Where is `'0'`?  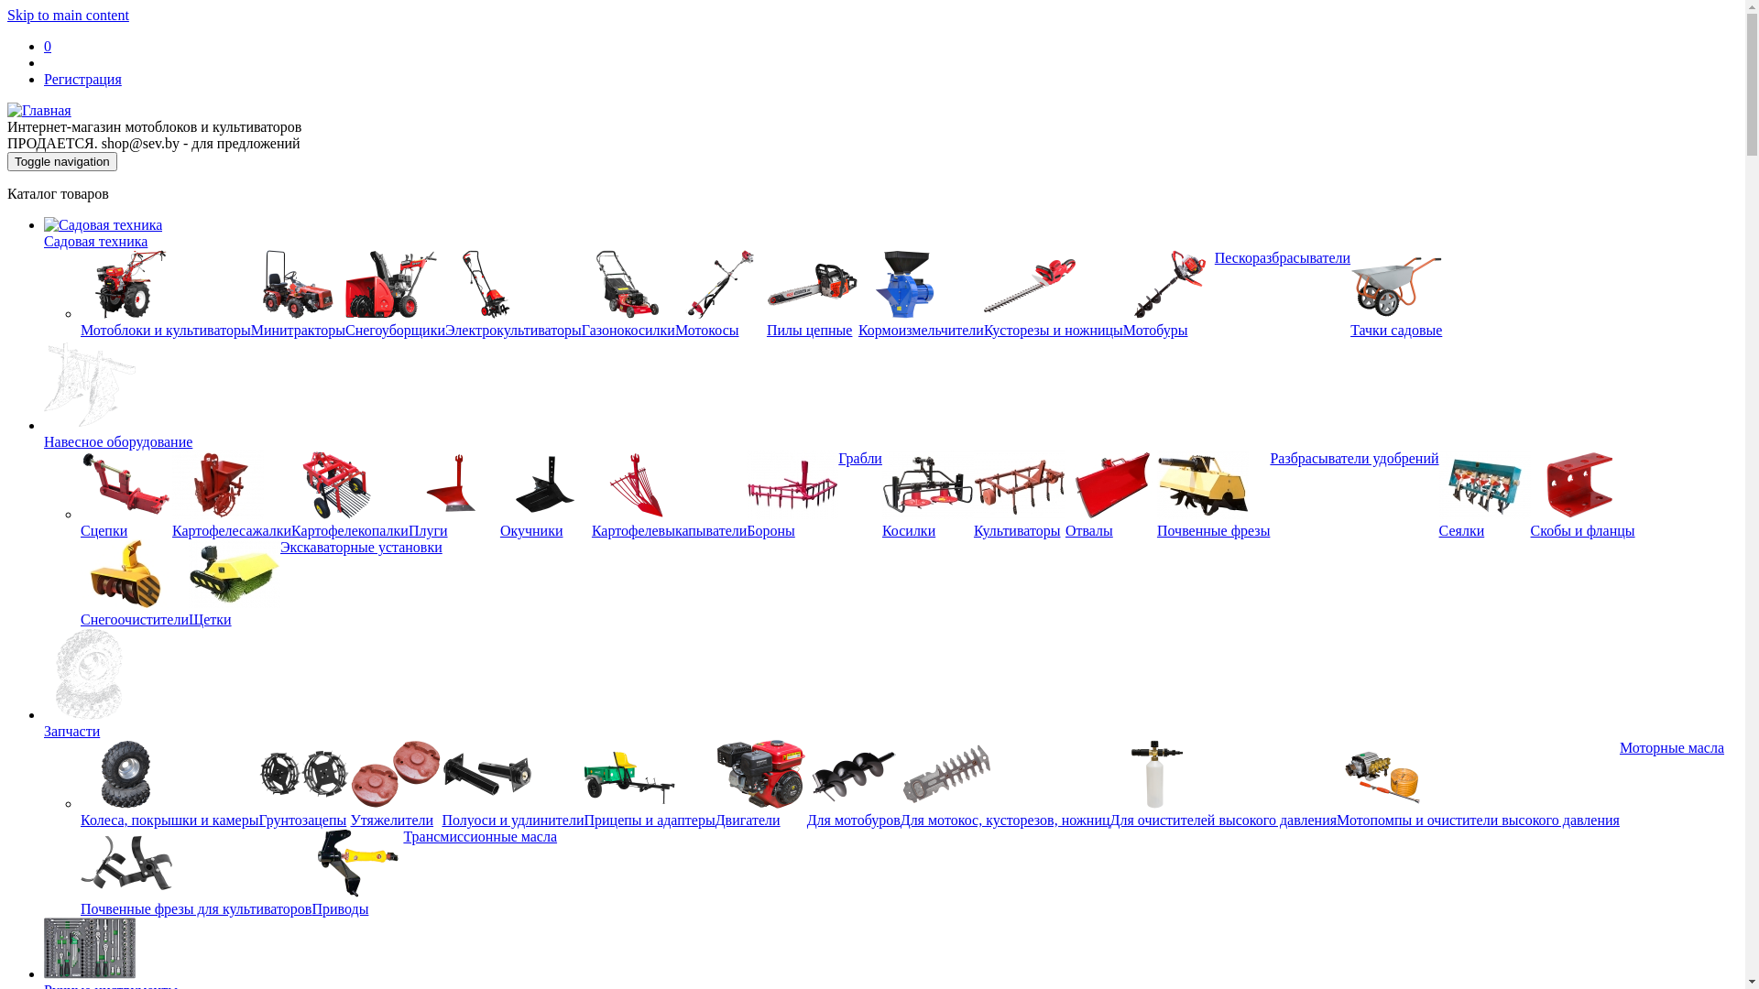
'0' is located at coordinates (48, 45).